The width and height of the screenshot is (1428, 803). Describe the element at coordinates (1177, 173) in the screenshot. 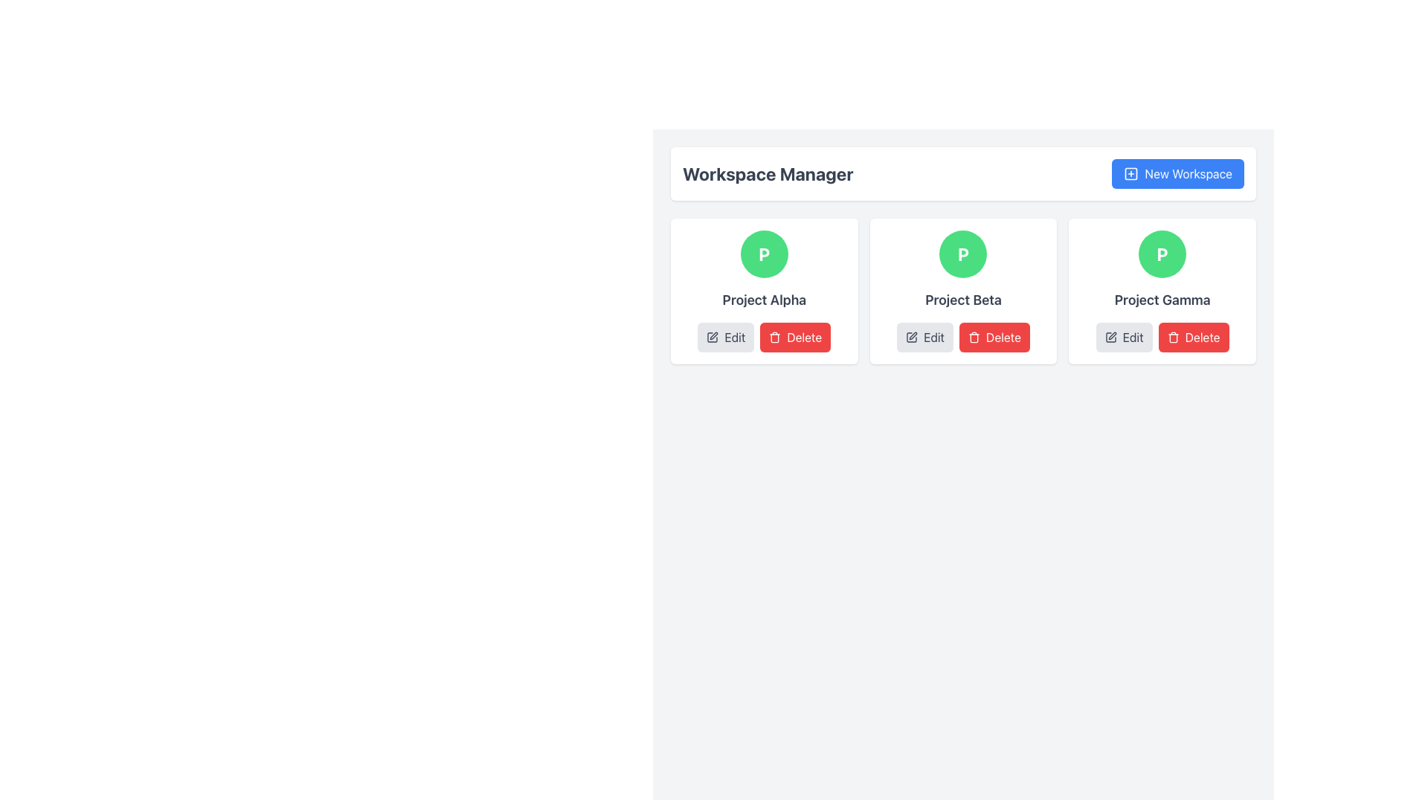

I see `the blue rectangular button labeled 'New Workspace' with a plus sign icon` at that location.